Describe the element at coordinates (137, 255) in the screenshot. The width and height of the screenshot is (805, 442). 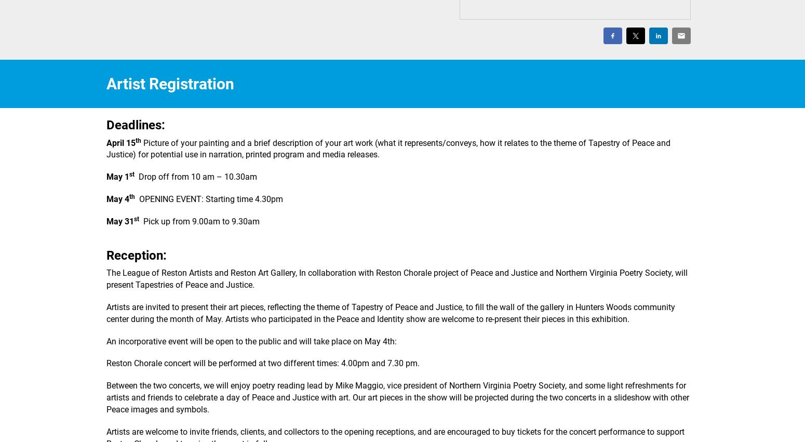
I see `'Reception:'` at that location.